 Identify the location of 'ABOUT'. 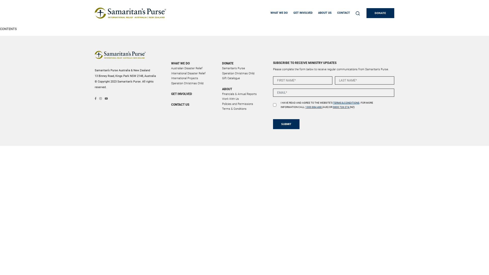
(244, 88).